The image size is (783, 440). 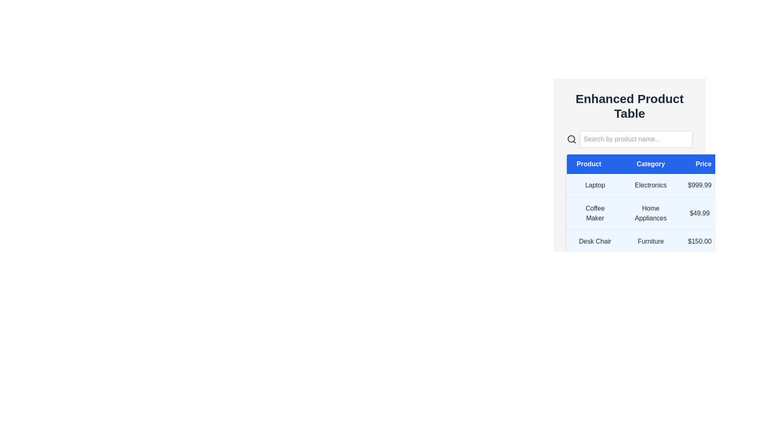 What do you see at coordinates (571, 138) in the screenshot?
I see `the circular part of the magnifying glass icon, which serves as a visual indicator of the search functionality located to the left of the input field for searching, just above the table header titled 'Product.'` at bounding box center [571, 138].